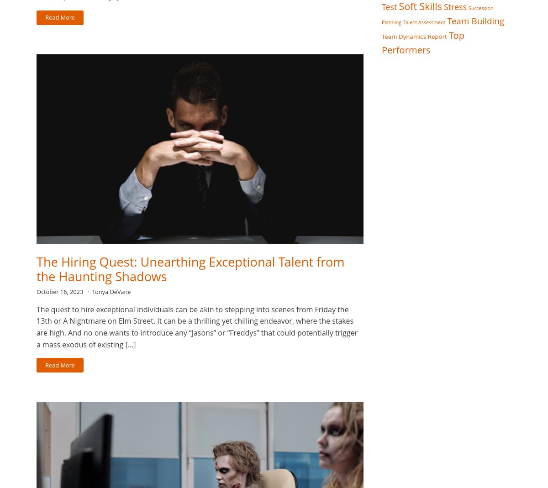  What do you see at coordinates (423, 42) in the screenshot?
I see `'Top Performers'` at bounding box center [423, 42].